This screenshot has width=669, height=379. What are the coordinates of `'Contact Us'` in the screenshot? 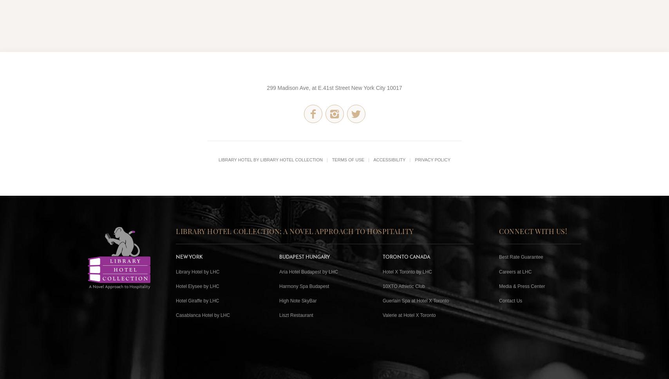 It's located at (510, 300).